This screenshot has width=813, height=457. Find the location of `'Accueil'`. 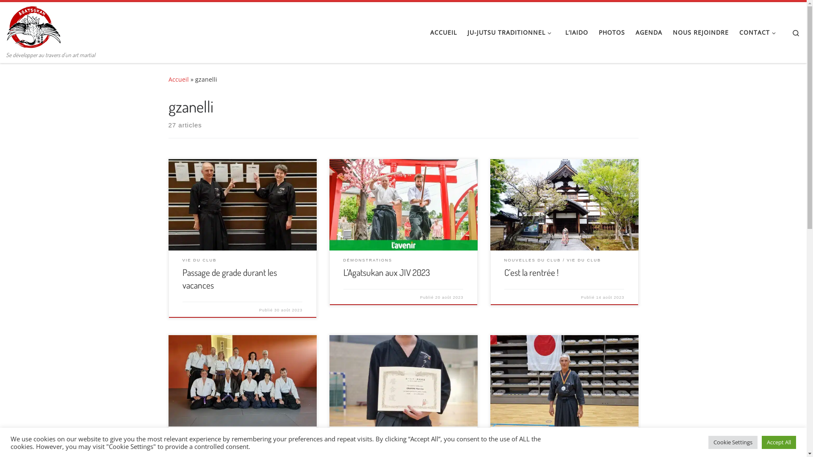

'Accueil' is located at coordinates (169, 79).